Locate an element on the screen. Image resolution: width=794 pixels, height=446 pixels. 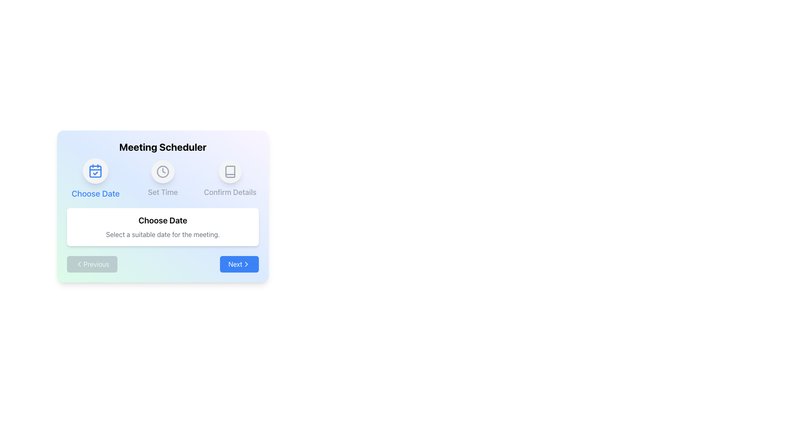
the small blue and white arrow icon pointing to the right, which is located on the right side of the 'Next' button at the bottom-right corner of the interface is located at coordinates (246, 264).